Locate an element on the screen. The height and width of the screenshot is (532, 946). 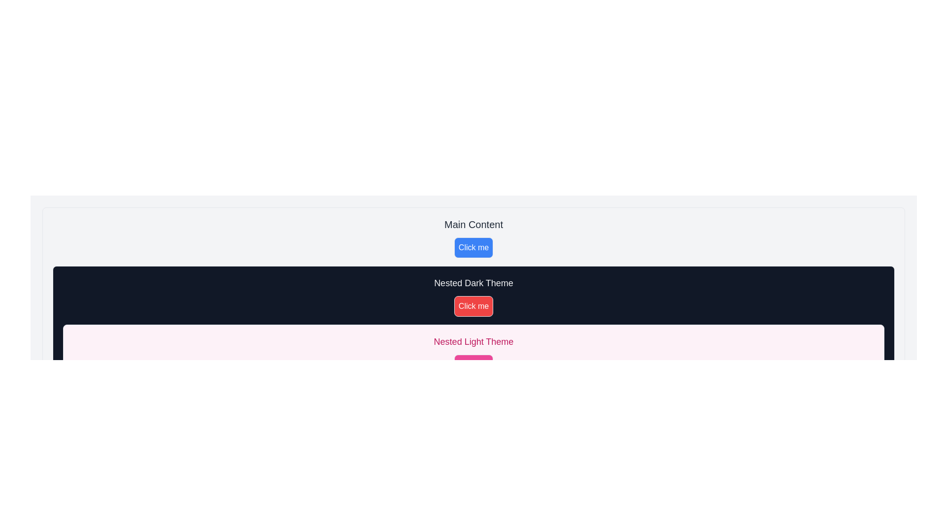
text displayed in the 'Nested Dark Theme' Text Label, which is styled with a large font size and medium weight, located above the 'Click me' button is located at coordinates (473, 283).